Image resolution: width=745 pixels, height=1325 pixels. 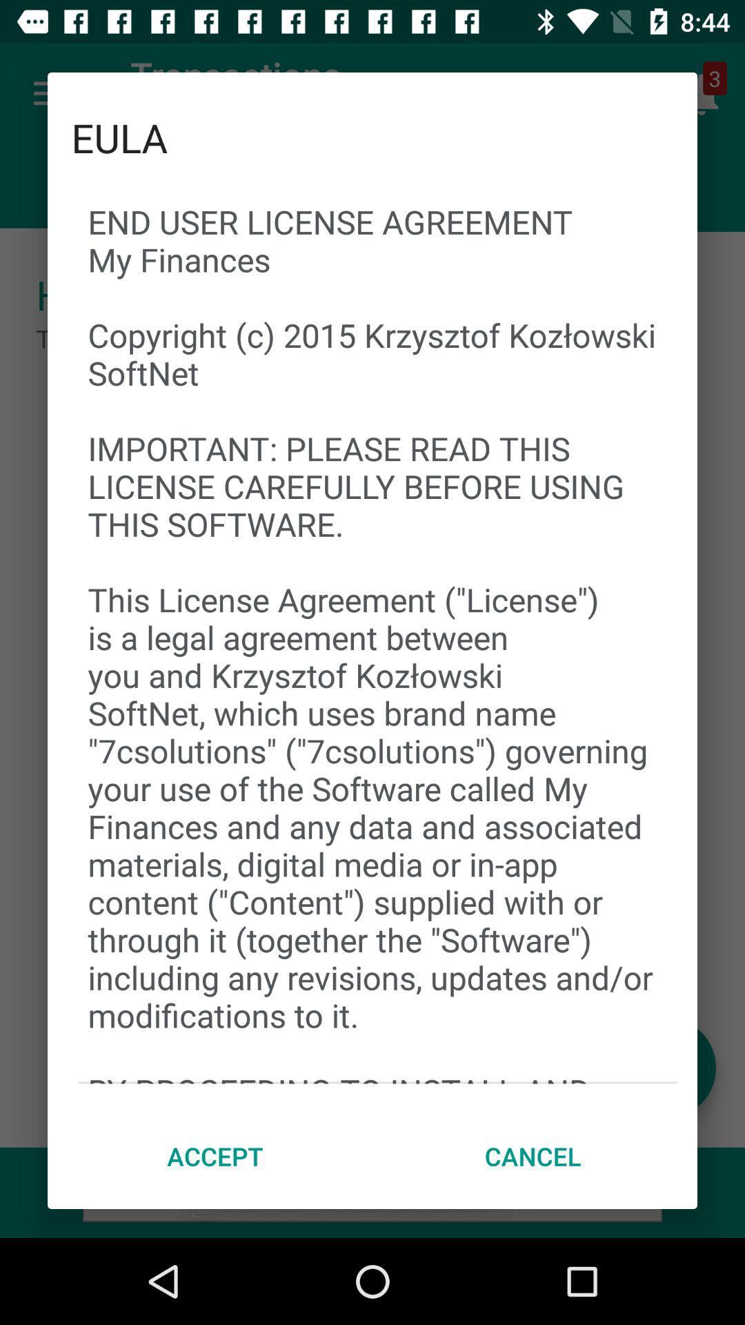 I want to click on the accept at the bottom left corner, so click(x=215, y=1156).